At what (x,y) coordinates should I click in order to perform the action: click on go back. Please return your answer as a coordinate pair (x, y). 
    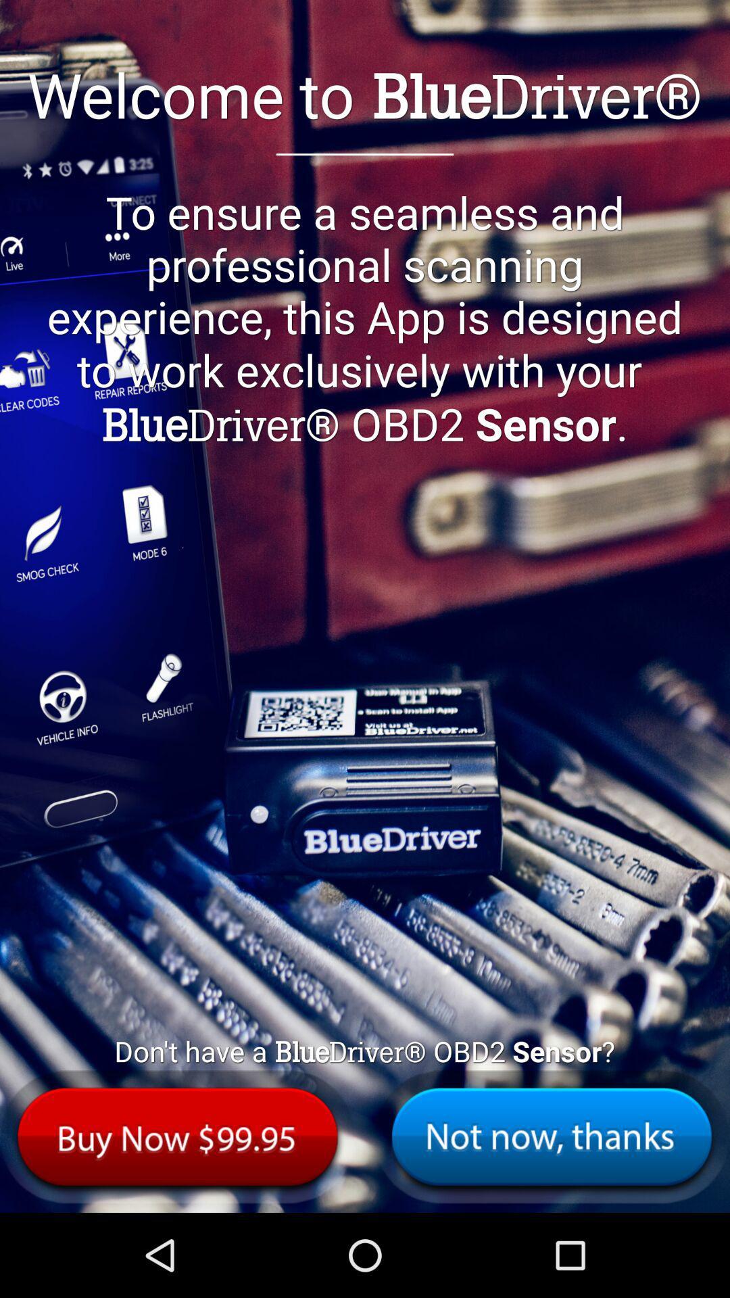
    Looking at the image, I should click on (552, 1136).